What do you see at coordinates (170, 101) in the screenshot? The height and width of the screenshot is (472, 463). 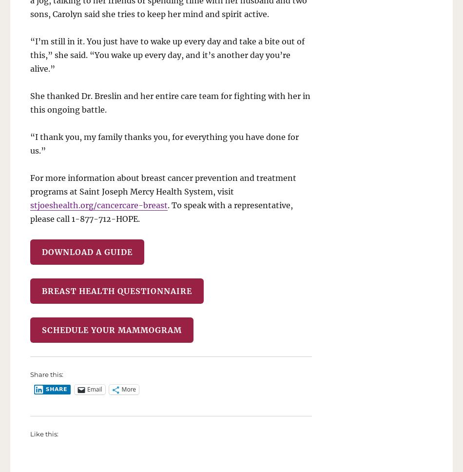 I see `'She thanked Dr. Breslin and her entire care team for fighting with her in this ongoing battle.'` at bounding box center [170, 101].